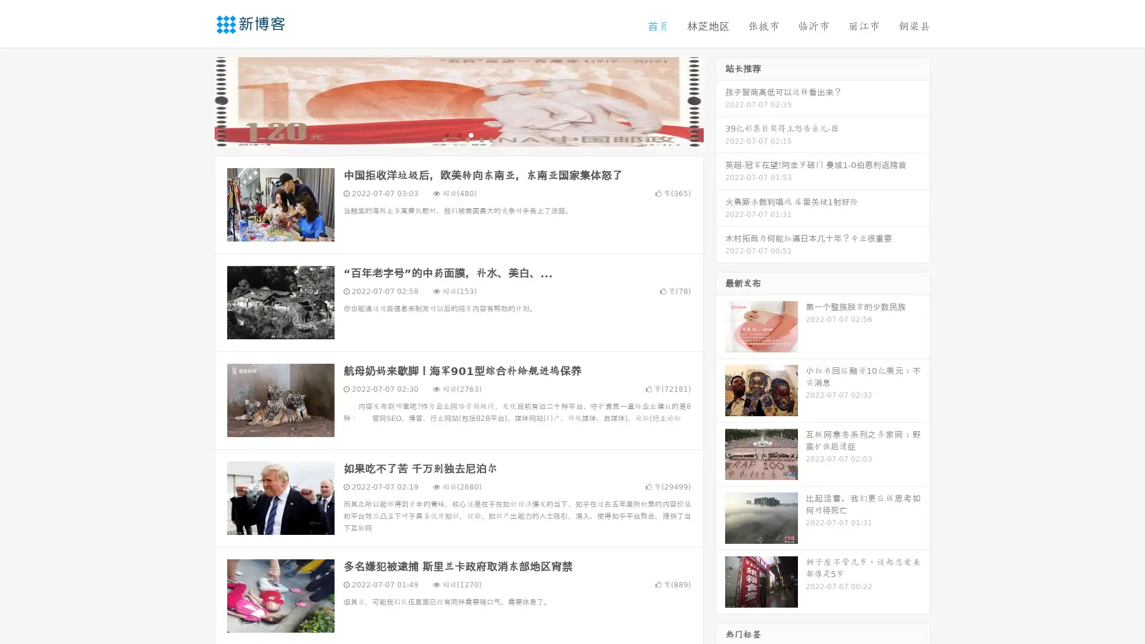  What do you see at coordinates (720, 100) in the screenshot?
I see `Next slide` at bounding box center [720, 100].